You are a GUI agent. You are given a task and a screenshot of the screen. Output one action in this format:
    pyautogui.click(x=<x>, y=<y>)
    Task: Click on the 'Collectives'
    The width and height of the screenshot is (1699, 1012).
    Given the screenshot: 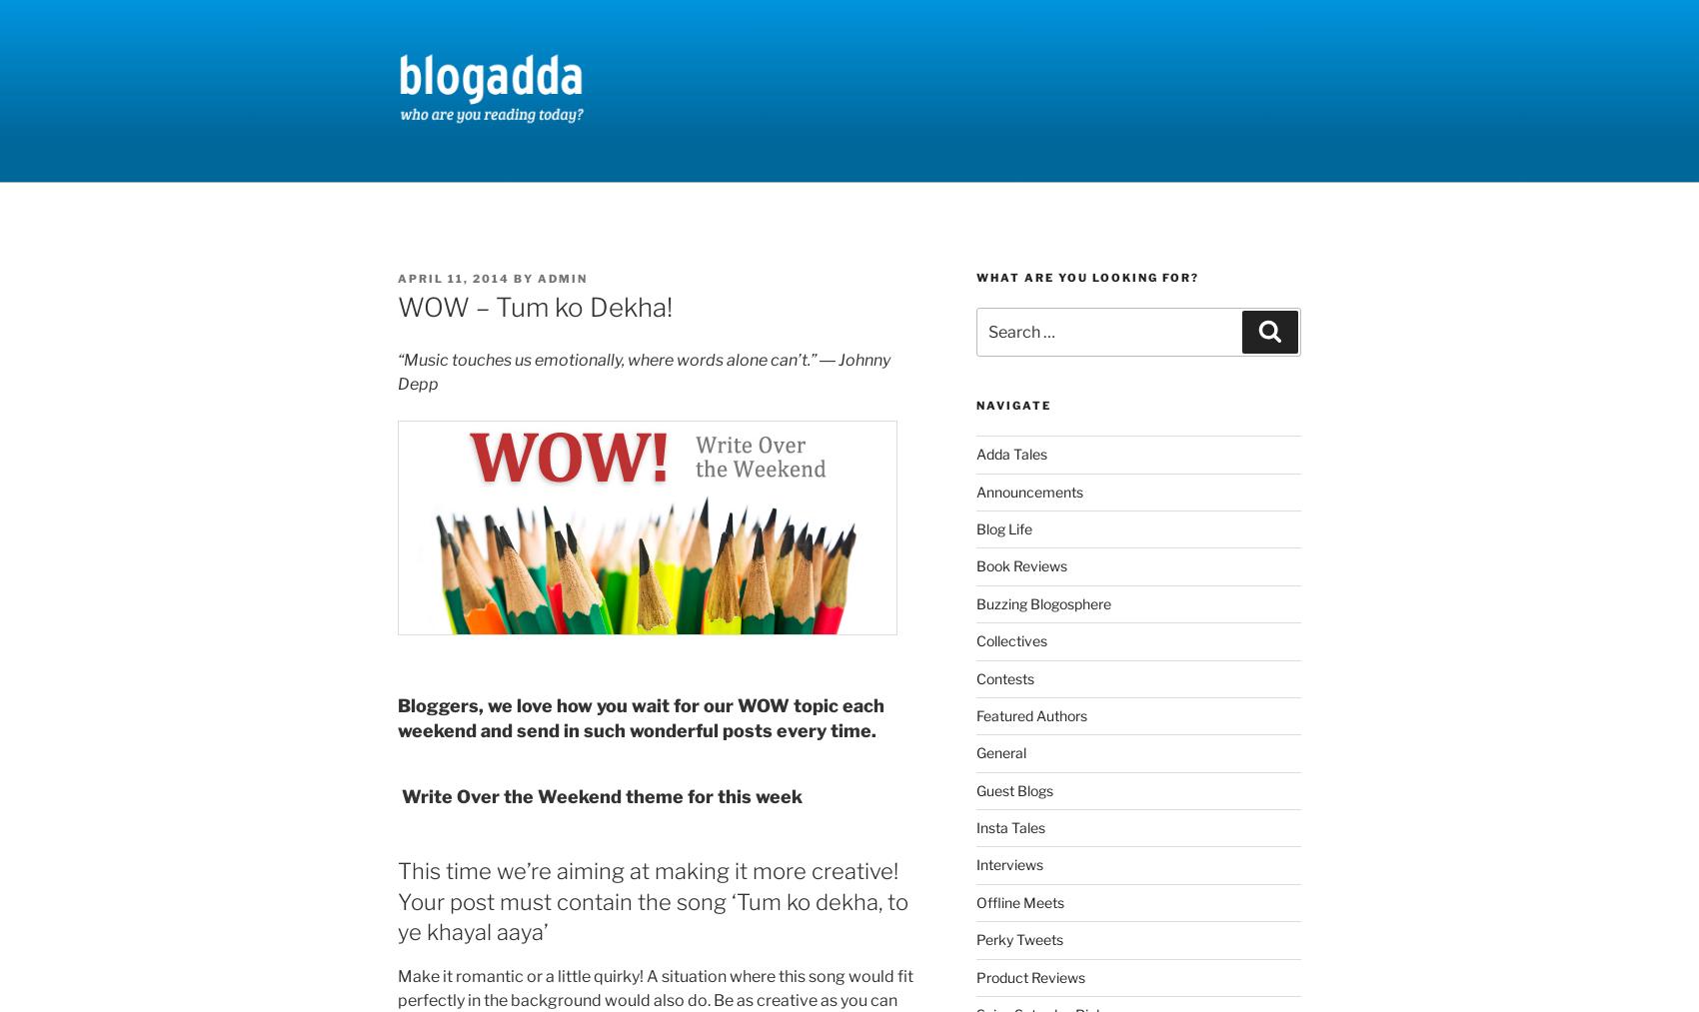 What is the action you would take?
    pyautogui.click(x=1009, y=639)
    